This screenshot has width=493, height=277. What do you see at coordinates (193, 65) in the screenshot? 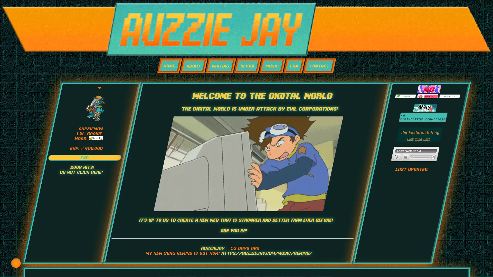
I see `ABOUT` at bounding box center [193, 65].